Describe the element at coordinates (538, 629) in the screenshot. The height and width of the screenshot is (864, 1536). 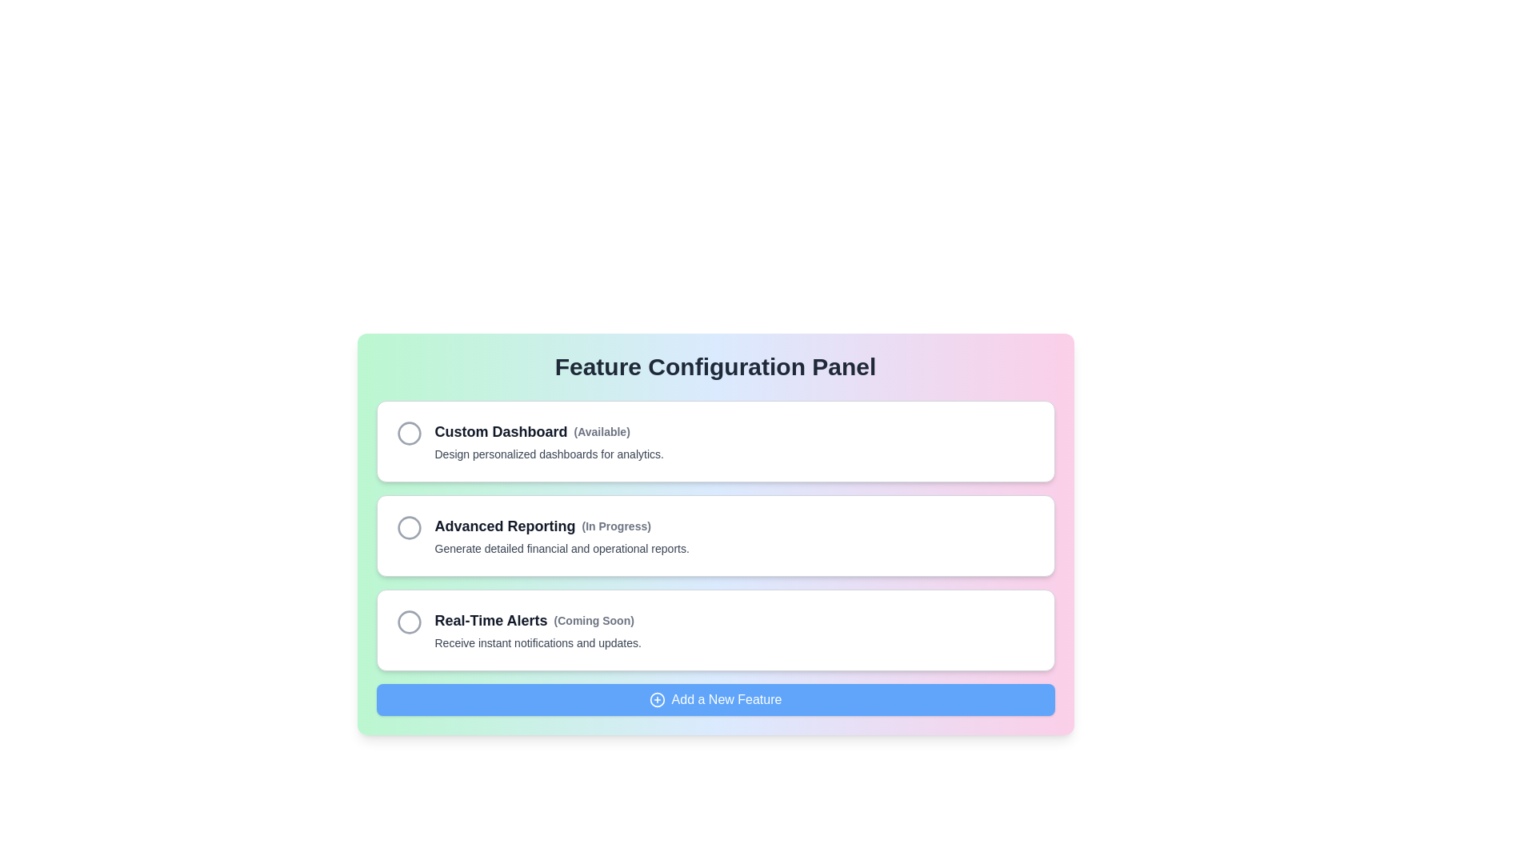
I see `the text block labeled 'Real-Time Alerts', which provides a description of its functionality and indicates its coming-soon status` at that location.